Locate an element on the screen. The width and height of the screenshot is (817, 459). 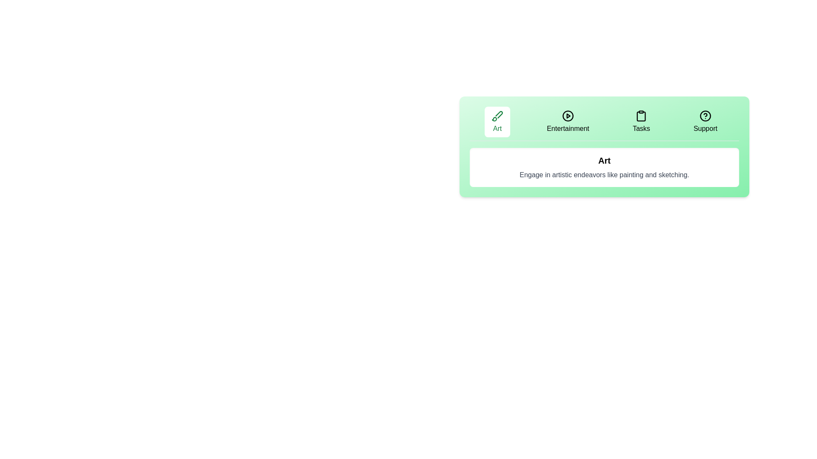
the button labeled 'Art', which has a white background, green text, and a green brush icon above the text is located at coordinates (497, 122).